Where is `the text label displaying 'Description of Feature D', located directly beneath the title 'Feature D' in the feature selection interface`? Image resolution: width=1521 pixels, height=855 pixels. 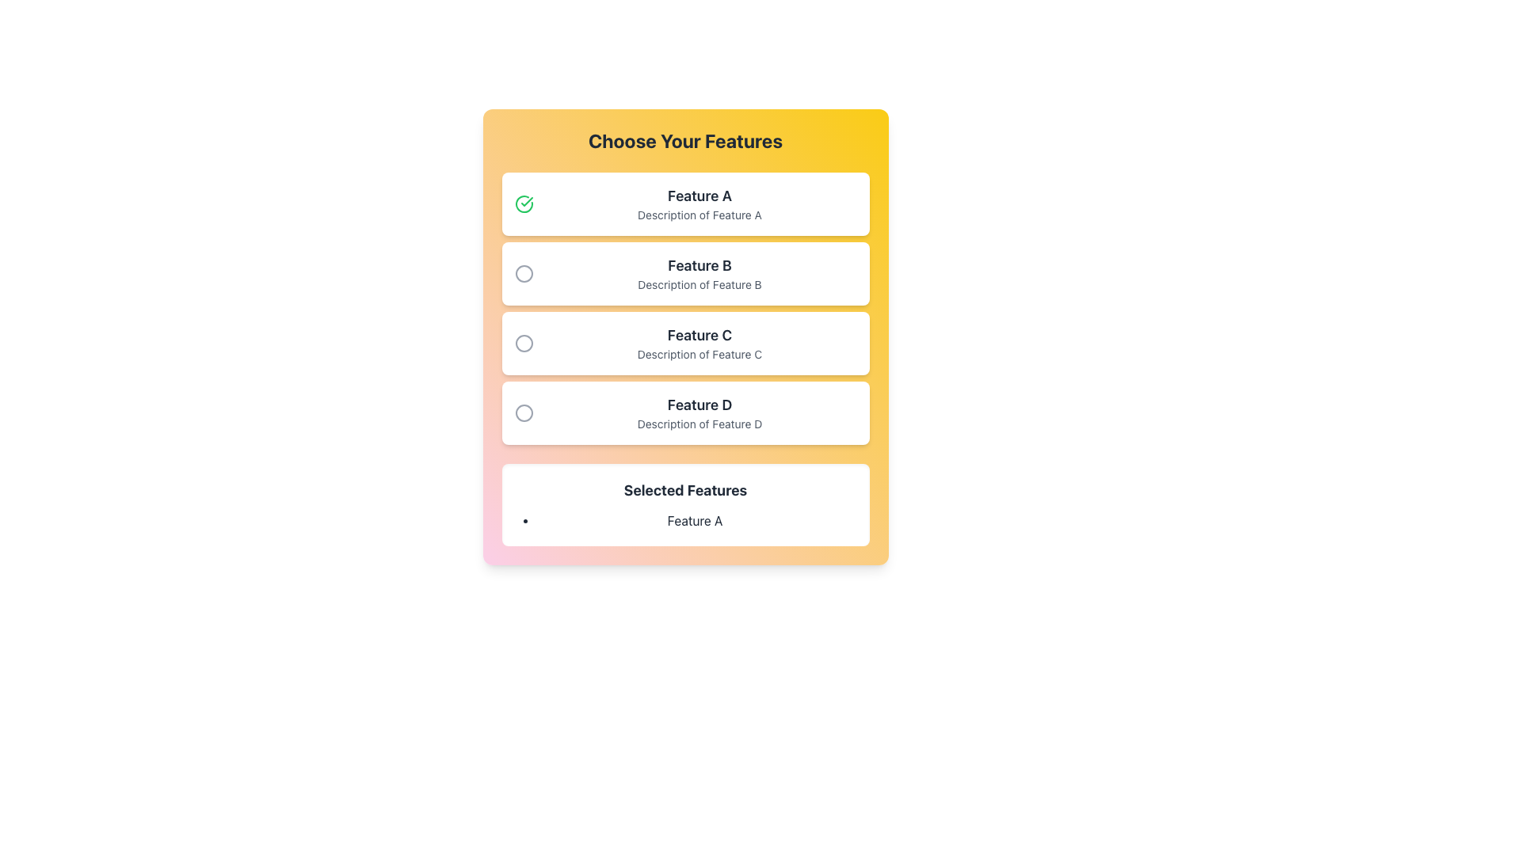 the text label displaying 'Description of Feature D', located directly beneath the title 'Feature D' in the feature selection interface is located at coordinates (699, 424).